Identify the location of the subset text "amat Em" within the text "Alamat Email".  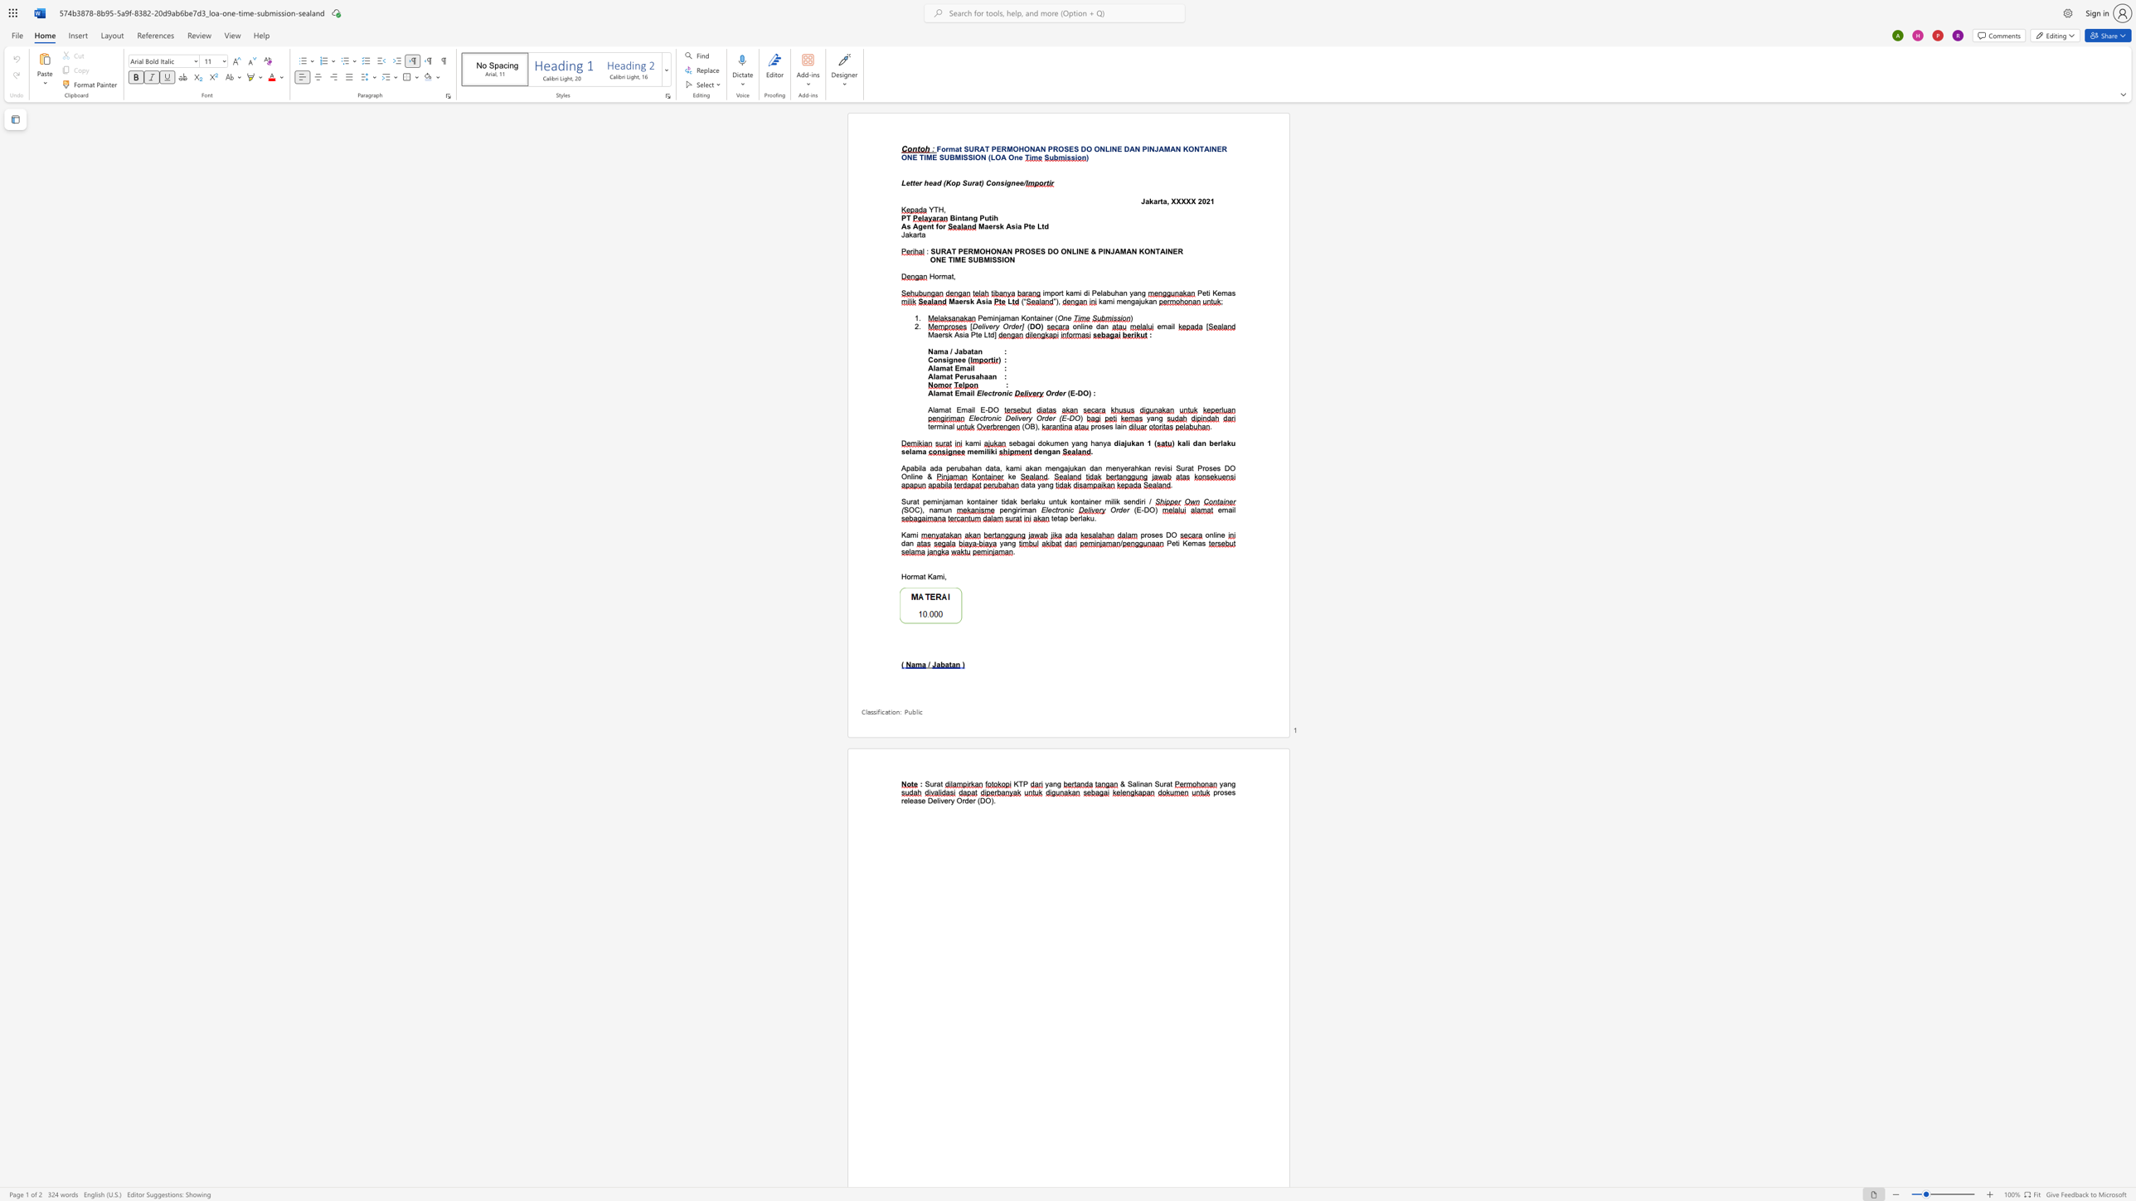
(934, 393).